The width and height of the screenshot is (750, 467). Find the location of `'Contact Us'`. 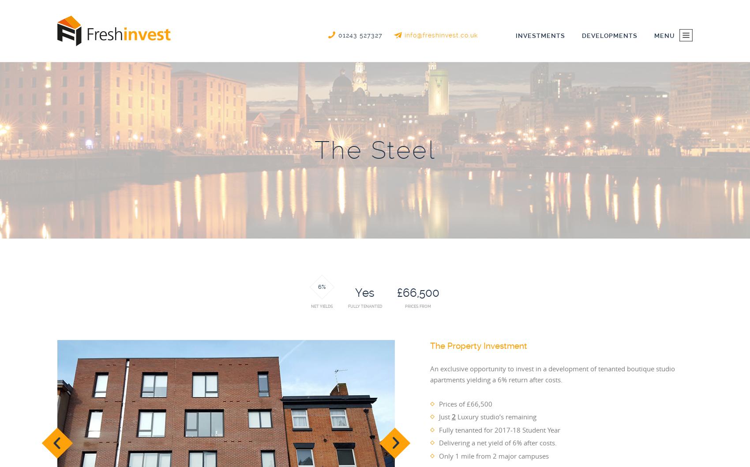

'Contact Us' is located at coordinates (689, 181).